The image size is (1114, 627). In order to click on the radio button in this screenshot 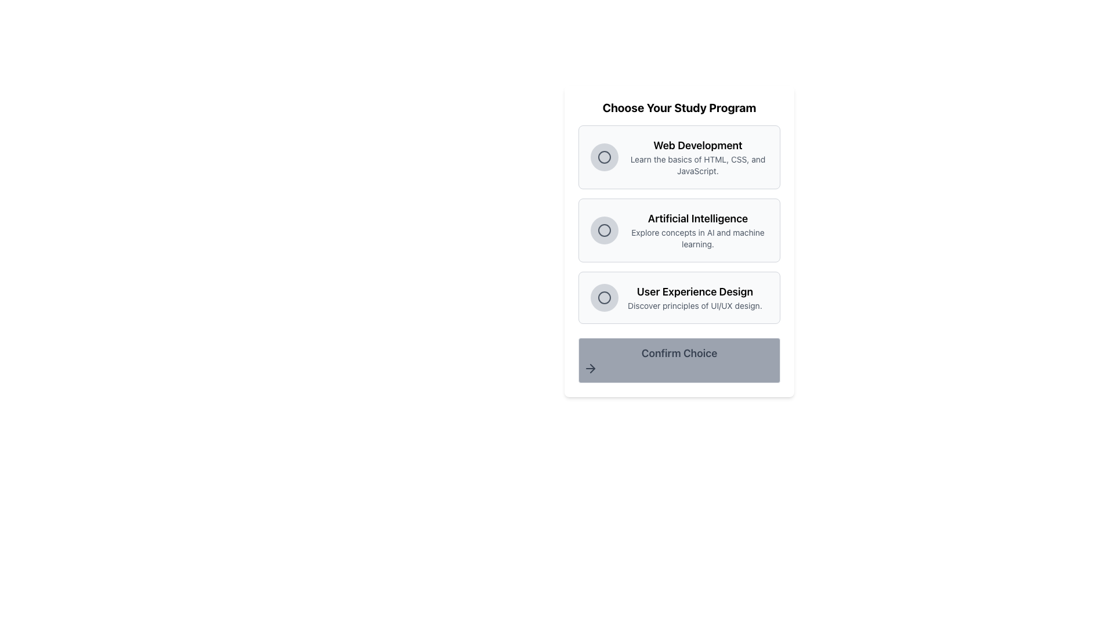, I will do `click(603, 297)`.